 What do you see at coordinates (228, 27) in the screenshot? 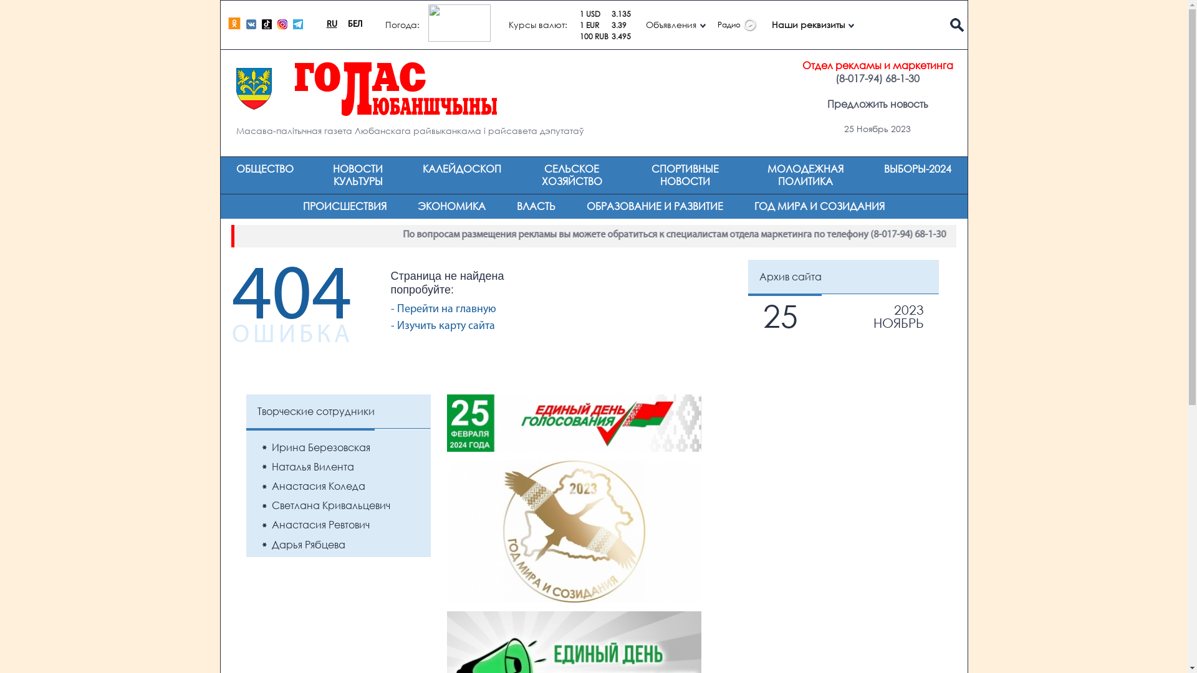
I see `'ok.ru'` at bounding box center [228, 27].